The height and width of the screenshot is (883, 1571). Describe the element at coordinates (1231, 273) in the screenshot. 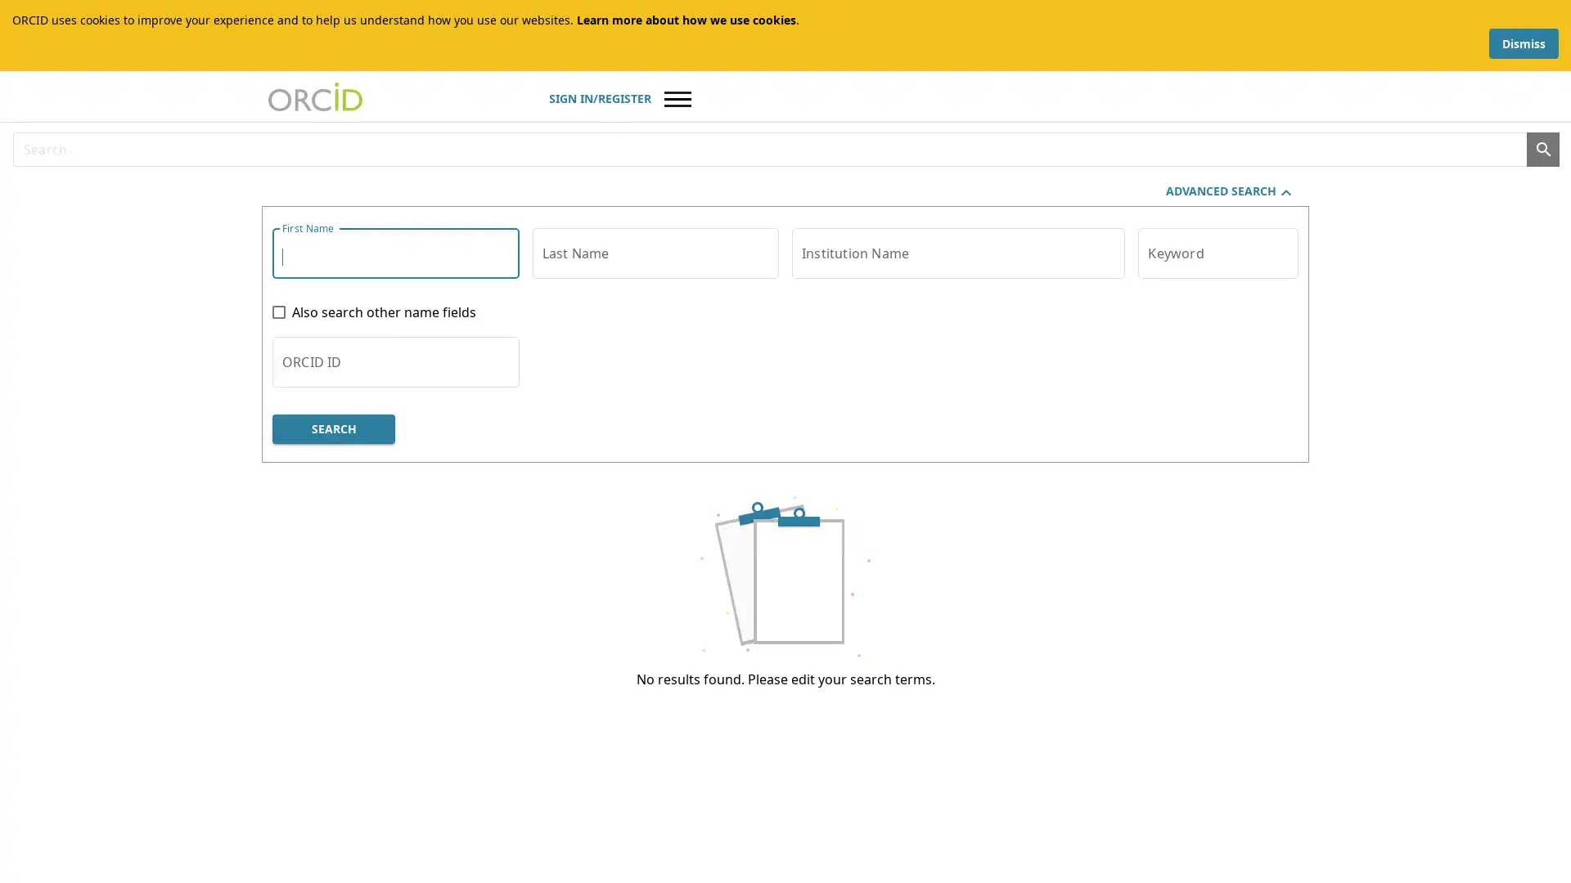

I see `Hide advanced search form` at that location.